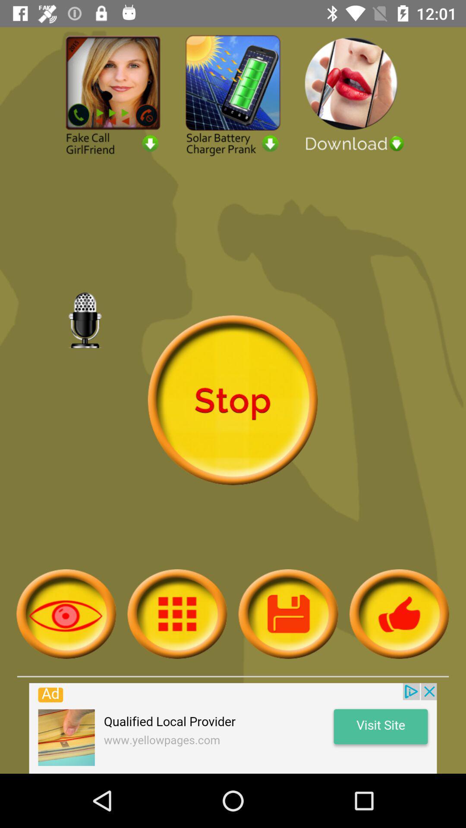  What do you see at coordinates (233, 94) in the screenshot?
I see `solar battery charger prank` at bounding box center [233, 94].